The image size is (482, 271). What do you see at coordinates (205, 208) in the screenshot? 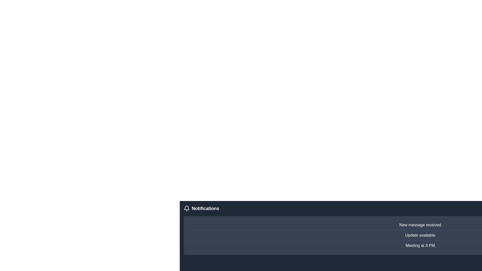
I see `the bold 'Notifications' text label in the notification panel` at bounding box center [205, 208].